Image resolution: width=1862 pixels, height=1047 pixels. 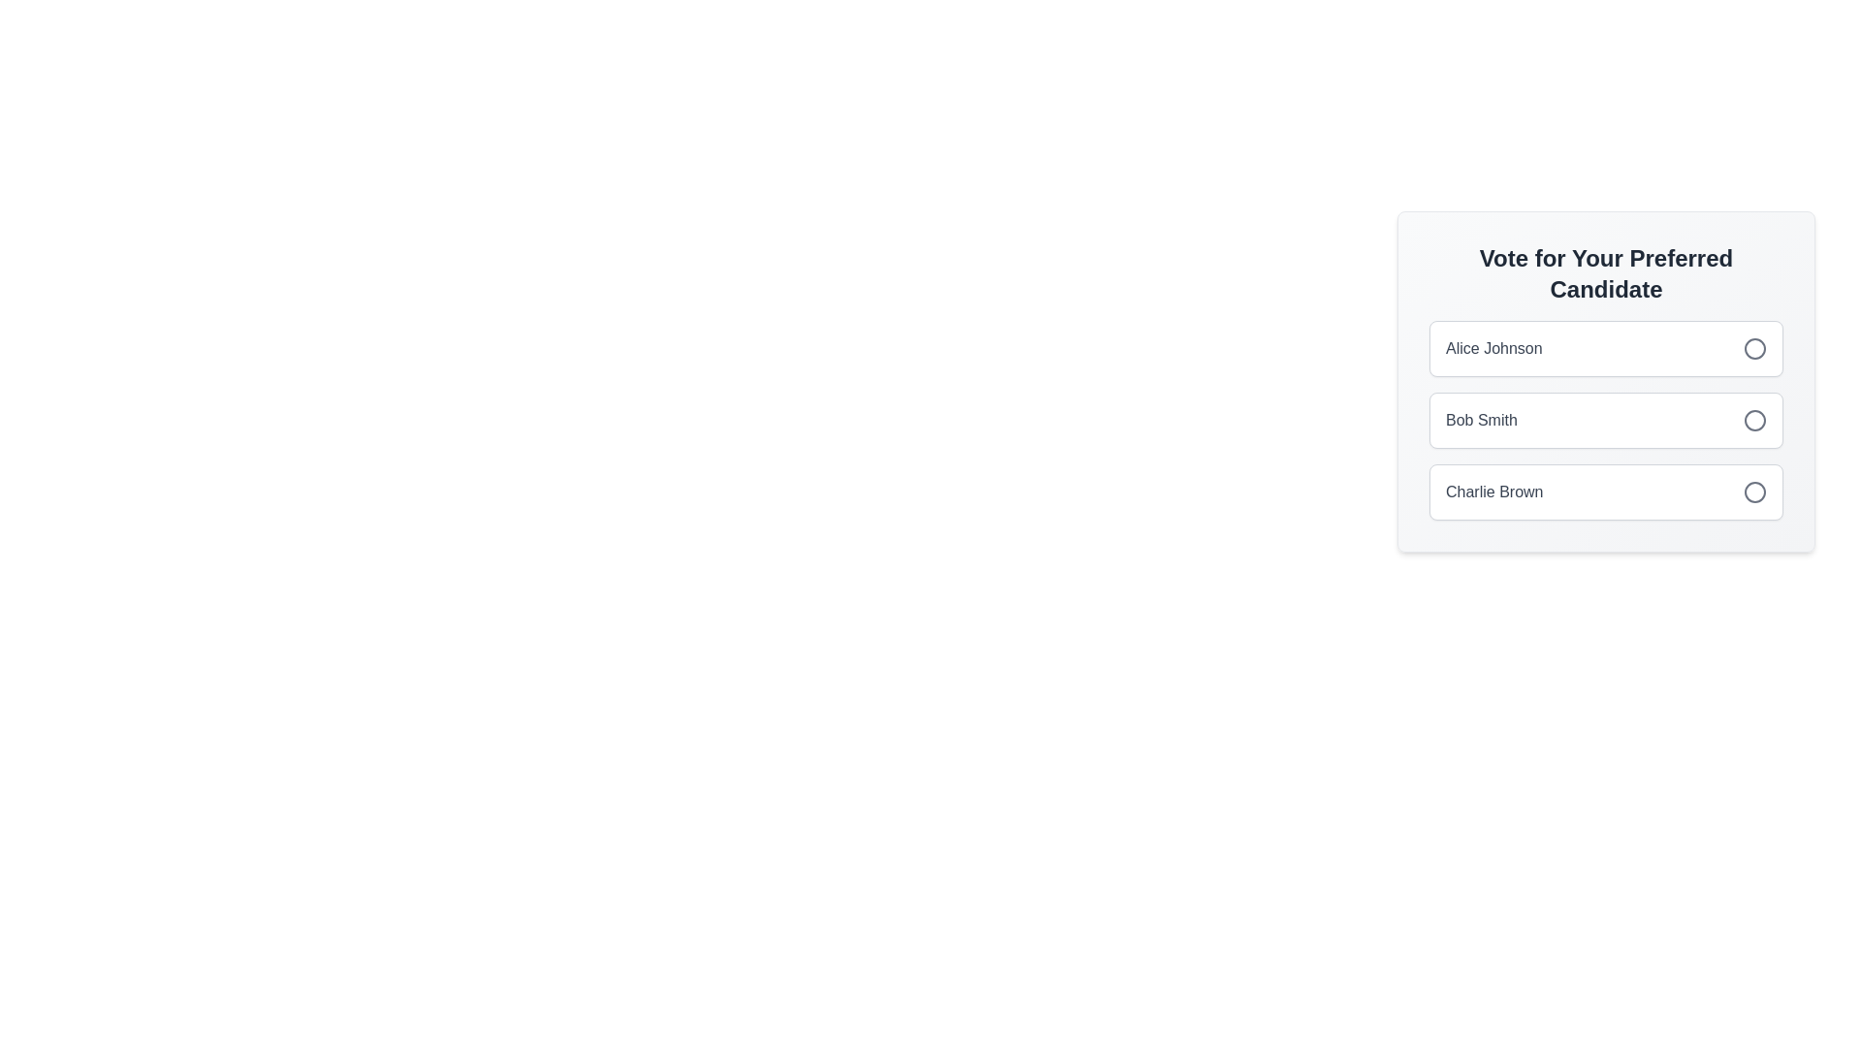 I want to click on the Selectable Option Card labeled 'Bob Smith', so click(x=1606, y=420).